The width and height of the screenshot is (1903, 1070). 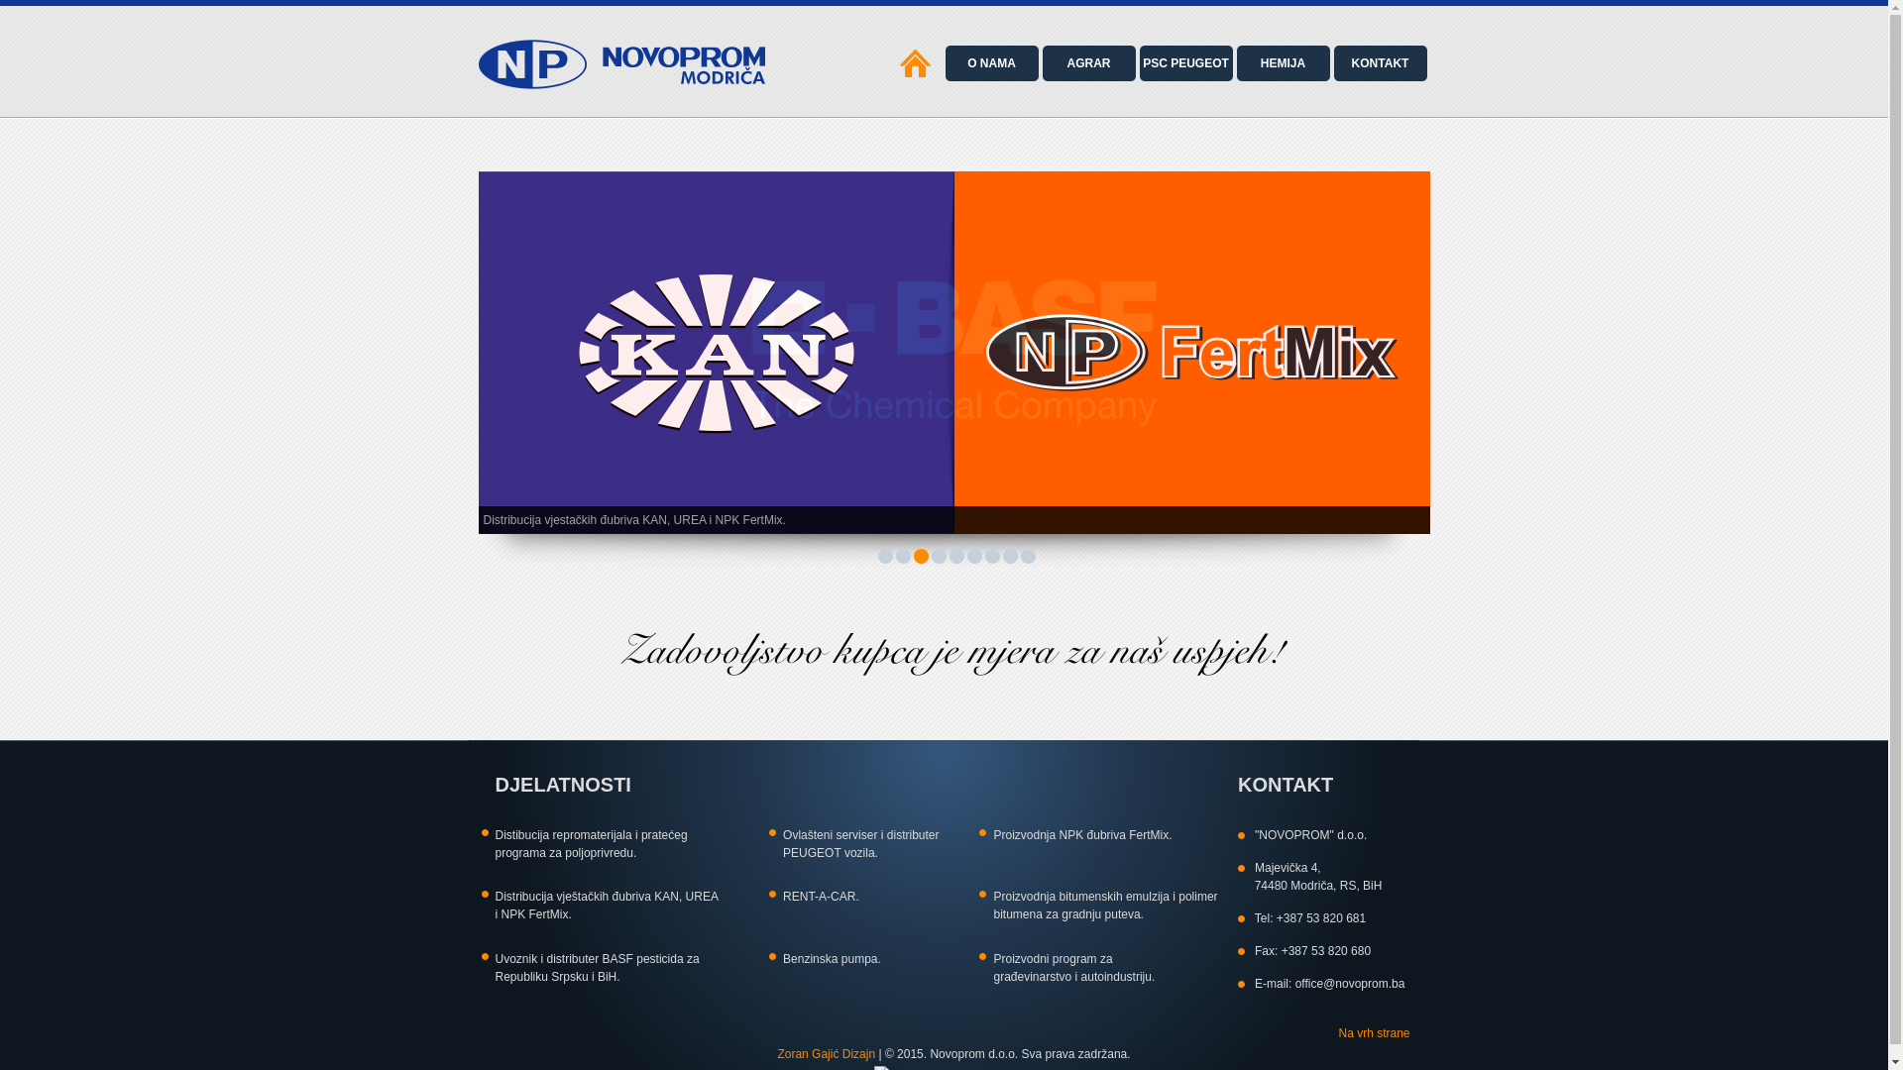 What do you see at coordinates (1231, 62) in the screenshot?
I see `'HEMIJA'` at bounding box center [1231, 62].